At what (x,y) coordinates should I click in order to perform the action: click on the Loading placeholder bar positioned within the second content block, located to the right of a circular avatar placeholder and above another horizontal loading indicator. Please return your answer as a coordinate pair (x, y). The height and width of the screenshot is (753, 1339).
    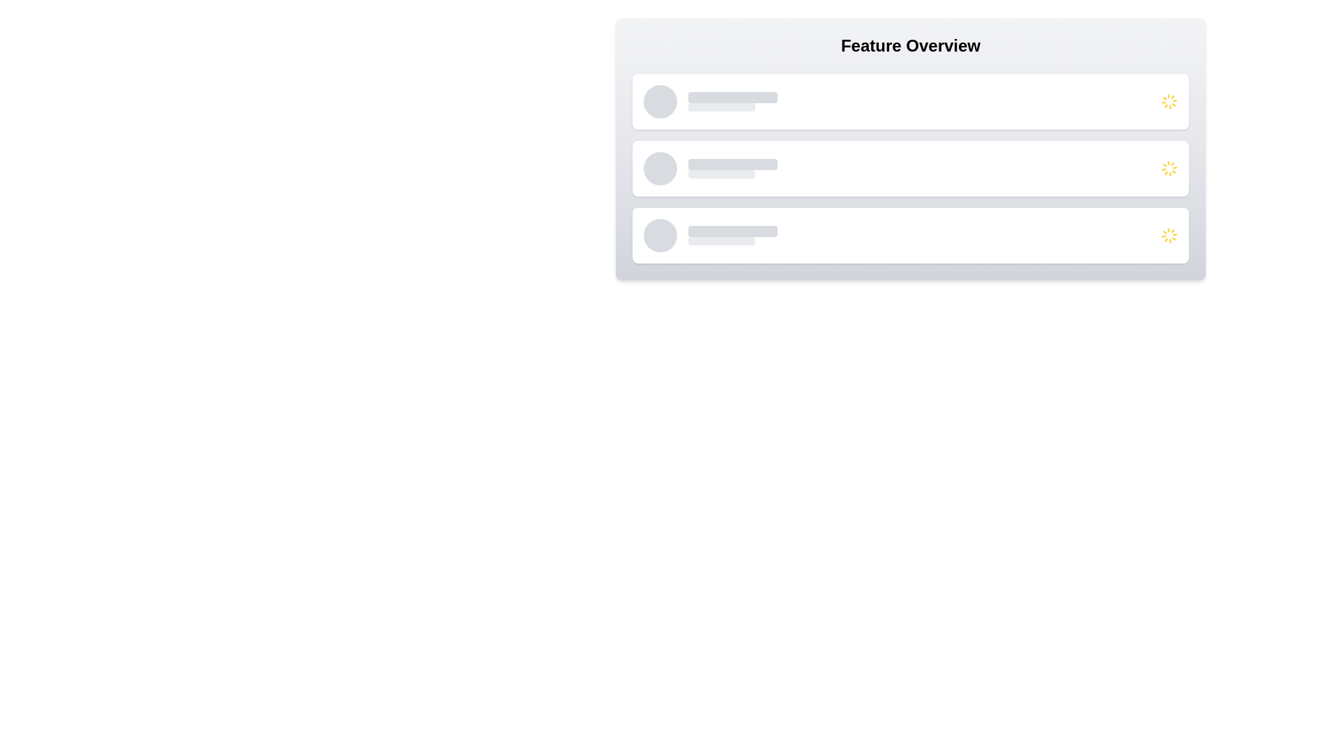
    Looking at the image, I should click on (732, 163).